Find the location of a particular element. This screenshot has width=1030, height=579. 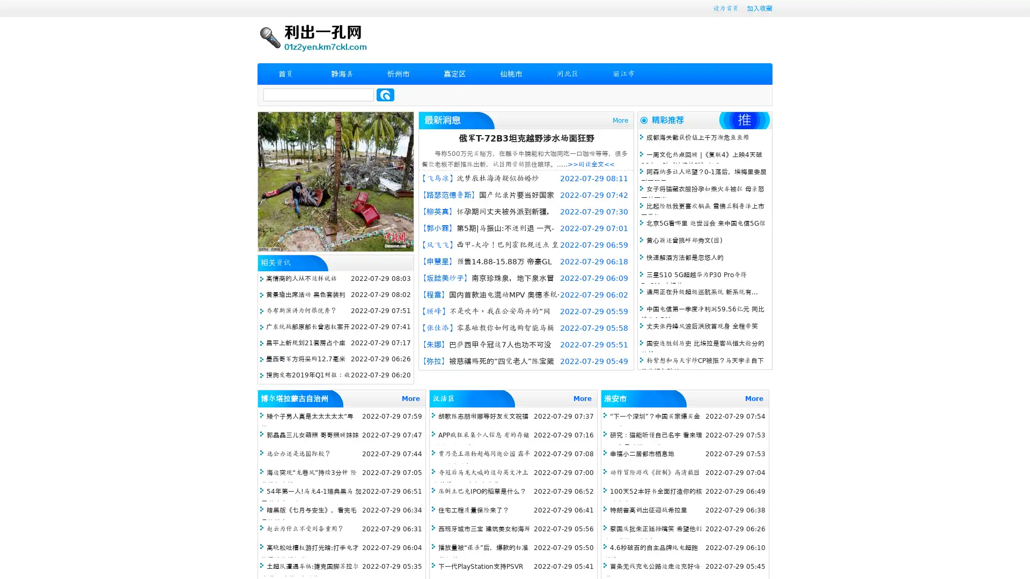

Search is located at coordinates (385, 94).